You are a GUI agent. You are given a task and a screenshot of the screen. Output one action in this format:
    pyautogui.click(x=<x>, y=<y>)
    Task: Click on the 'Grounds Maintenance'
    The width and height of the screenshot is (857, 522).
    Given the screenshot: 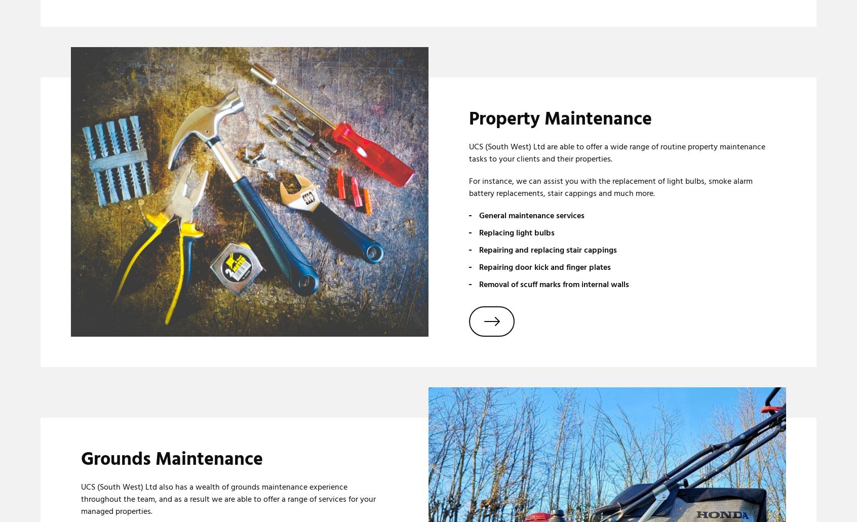 What is the action you would take?
    pyautogui.click(x=171, y=459)
    